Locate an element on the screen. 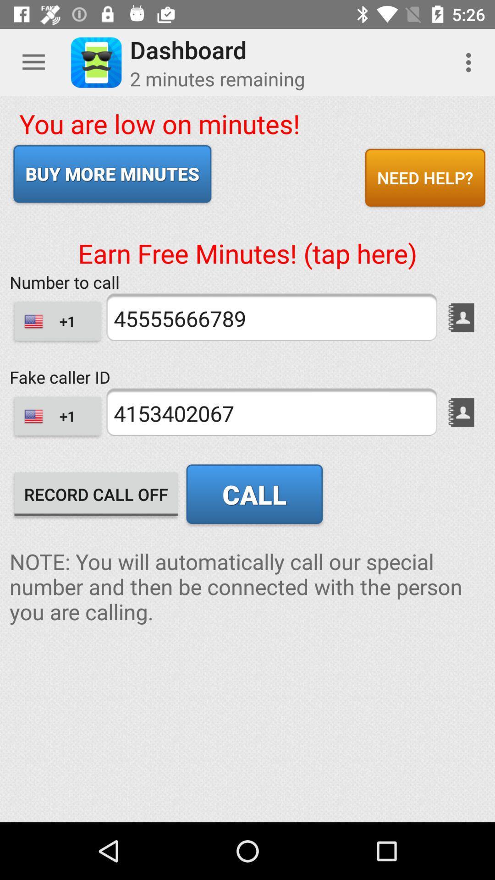 The image size is (495, 880). the need help? item is located at coordinates (425, 177).